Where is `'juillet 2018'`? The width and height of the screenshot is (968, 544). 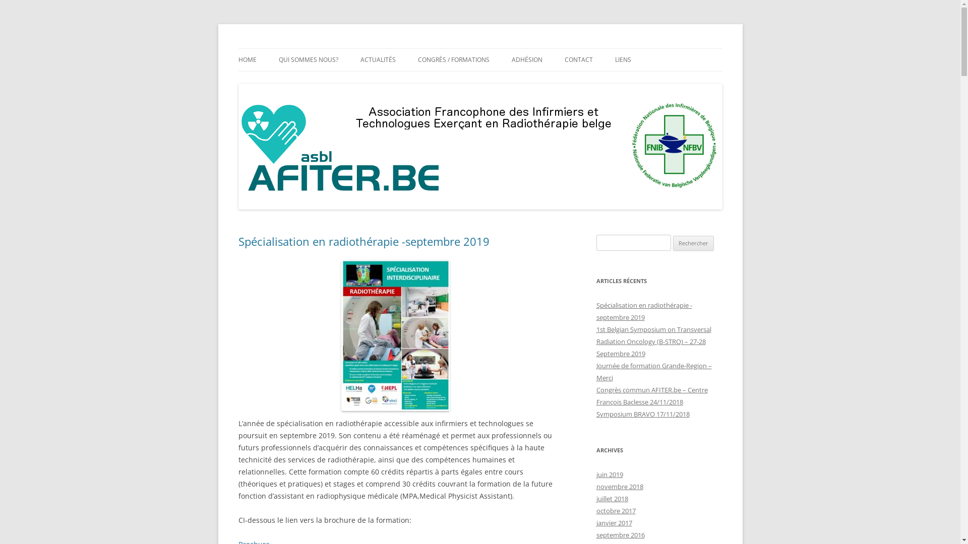
'juillet 2018' is located at coordinates (611, 499).